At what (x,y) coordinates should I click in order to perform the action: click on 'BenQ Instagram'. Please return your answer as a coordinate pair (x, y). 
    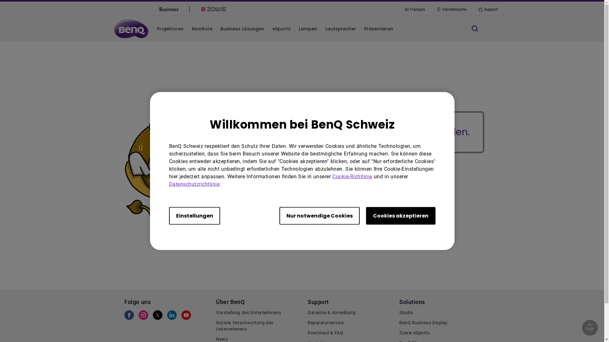
    Looking at the image, I should click on (143, 316).